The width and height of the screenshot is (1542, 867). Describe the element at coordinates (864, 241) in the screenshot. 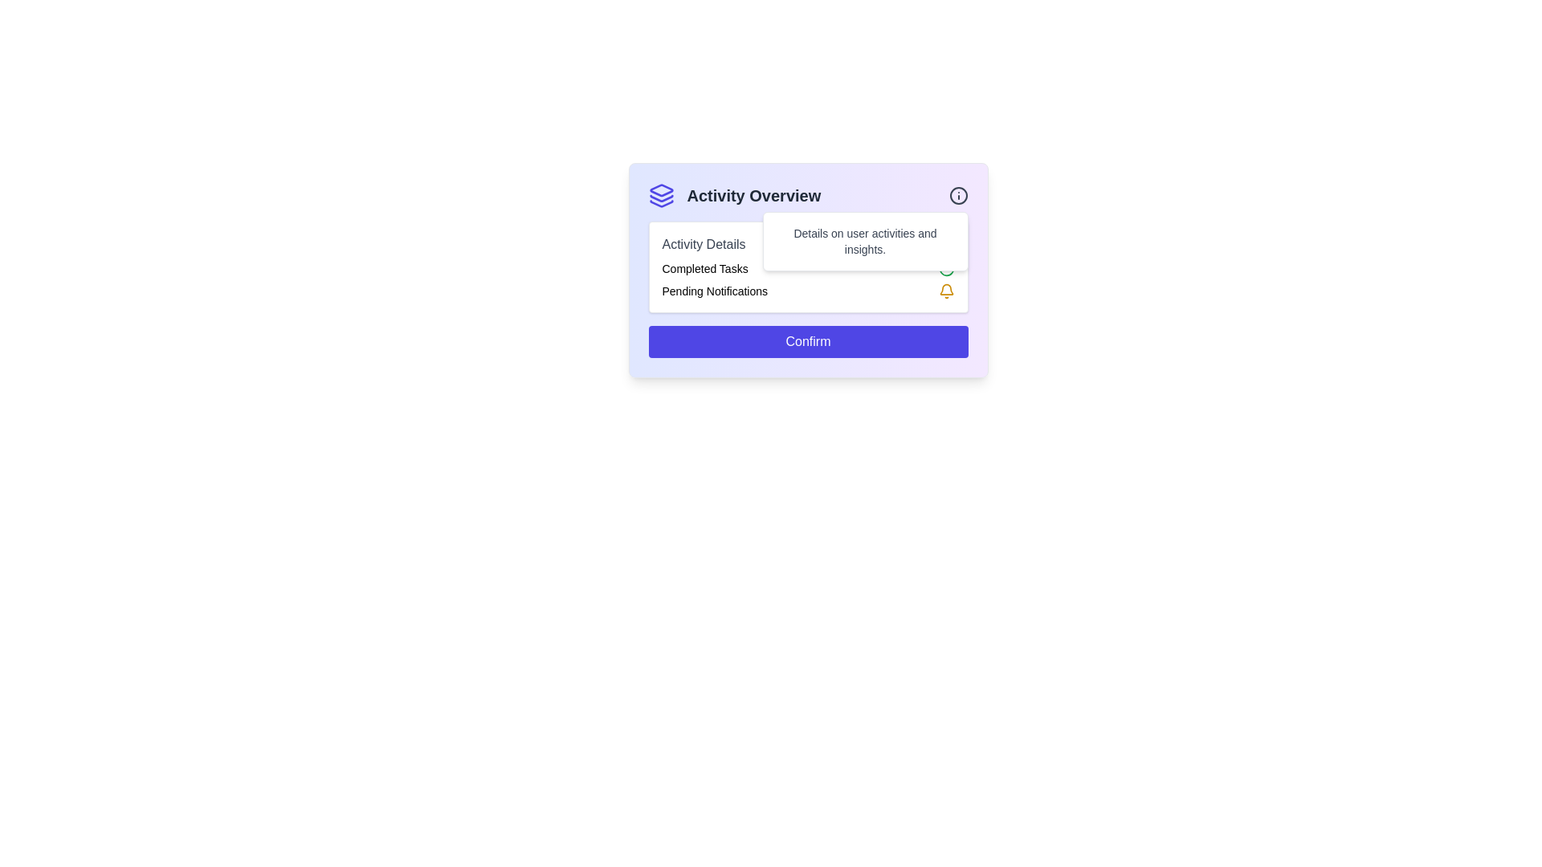

I see `the informational box located in the top-right section of the 'Activity Overview' panel, adjacent to the 'Activity Details' label` at that location.